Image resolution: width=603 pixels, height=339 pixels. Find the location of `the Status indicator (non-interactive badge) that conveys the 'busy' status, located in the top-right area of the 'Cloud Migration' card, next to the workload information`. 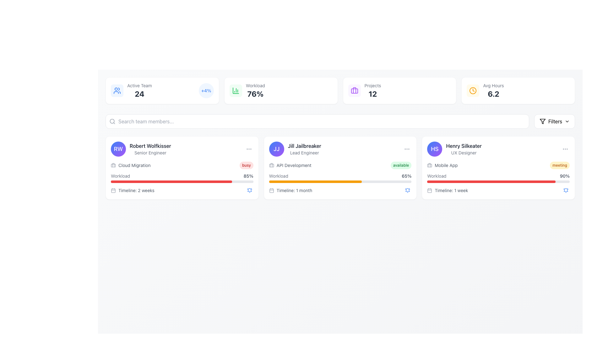

the Status indicator (non-interactive badge) that conveys the 'busy' status, located in the top-right area of the 'Cloud Migration' card, next to the workload information is located at coordinates (246, 165).